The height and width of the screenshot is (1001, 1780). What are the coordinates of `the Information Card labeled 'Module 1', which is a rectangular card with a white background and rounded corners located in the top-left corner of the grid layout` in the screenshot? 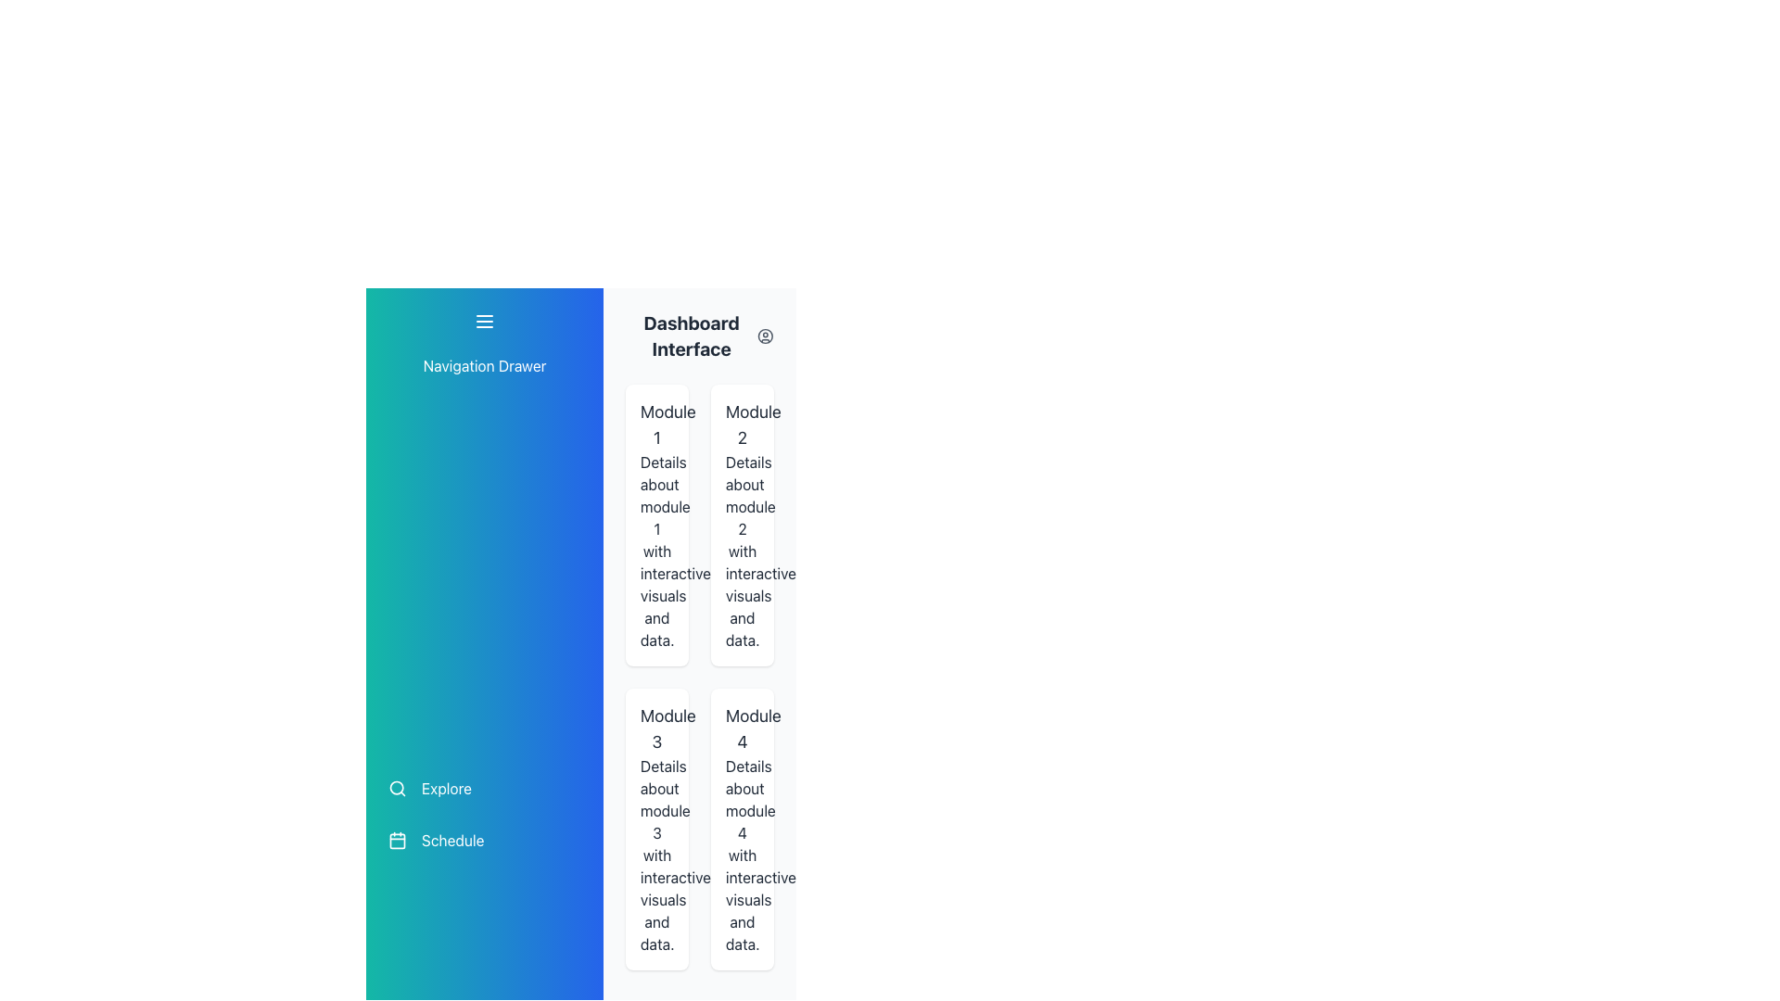 It's located at (657, 526).